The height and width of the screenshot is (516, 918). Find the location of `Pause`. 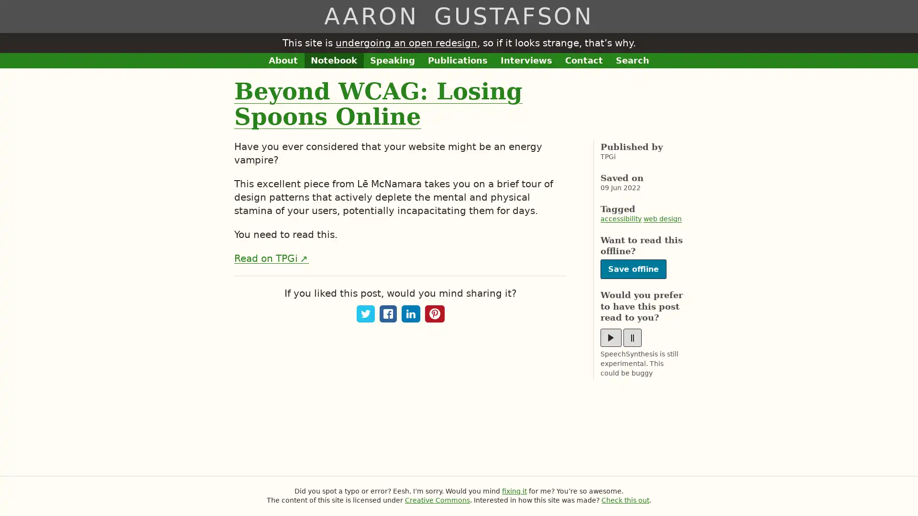

Pause is located at coordinates (633, 337).